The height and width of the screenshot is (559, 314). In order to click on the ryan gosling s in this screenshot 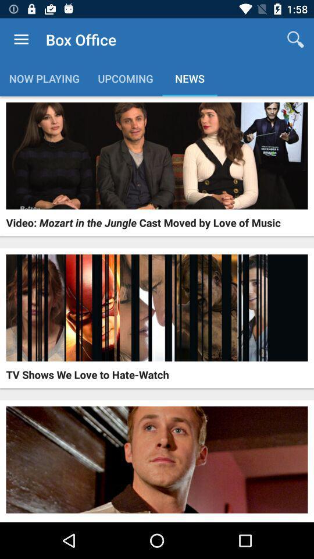, I will do `click(78, 520)`.